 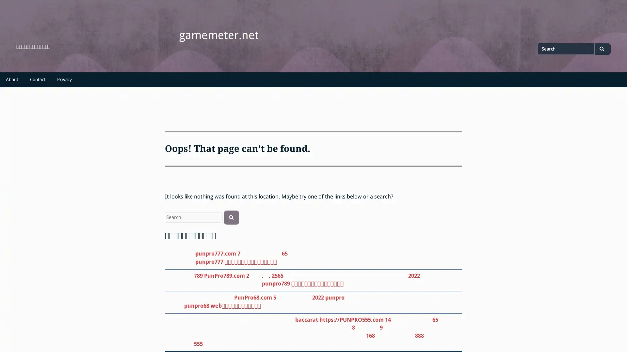 What do you see at coordinates (232, 217) in the screenshot?
I see `Search` at bounding box center [232, 217].